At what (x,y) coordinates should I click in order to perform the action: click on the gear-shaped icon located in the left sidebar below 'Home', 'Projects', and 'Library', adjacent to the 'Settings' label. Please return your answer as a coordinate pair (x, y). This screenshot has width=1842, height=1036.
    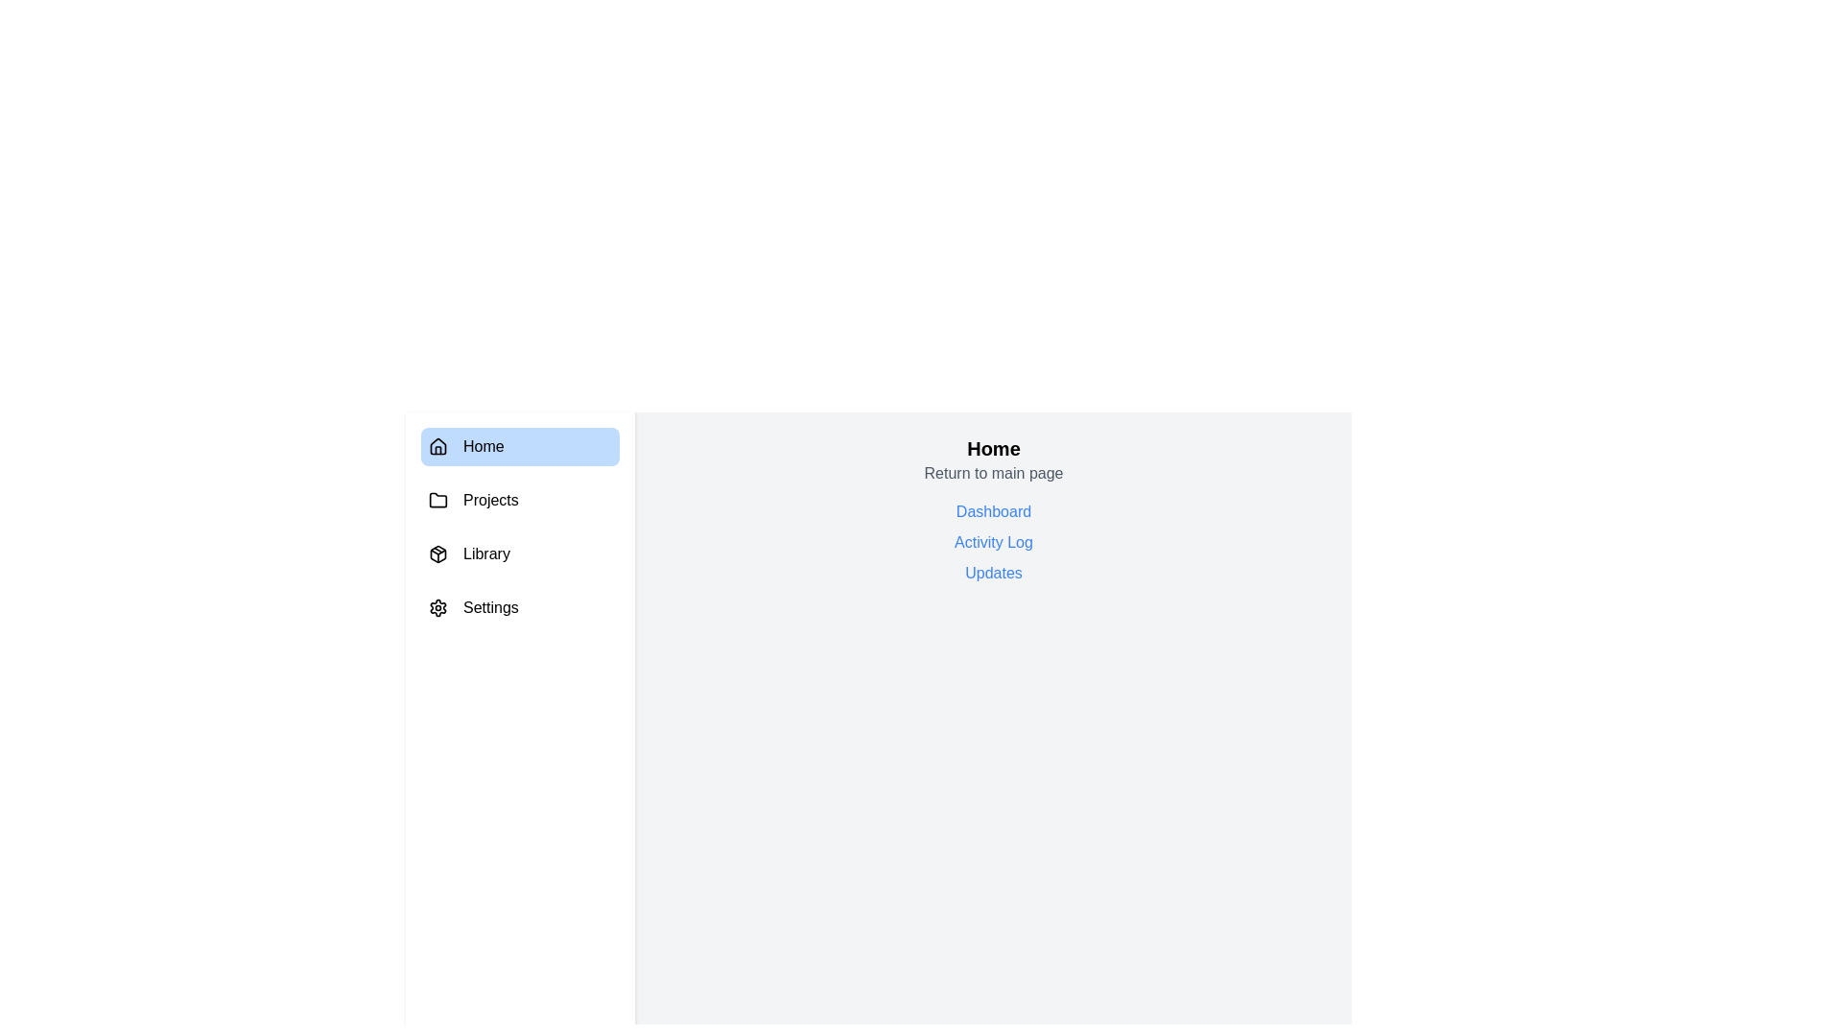
    Looking at the image, I should click on (437, 607).